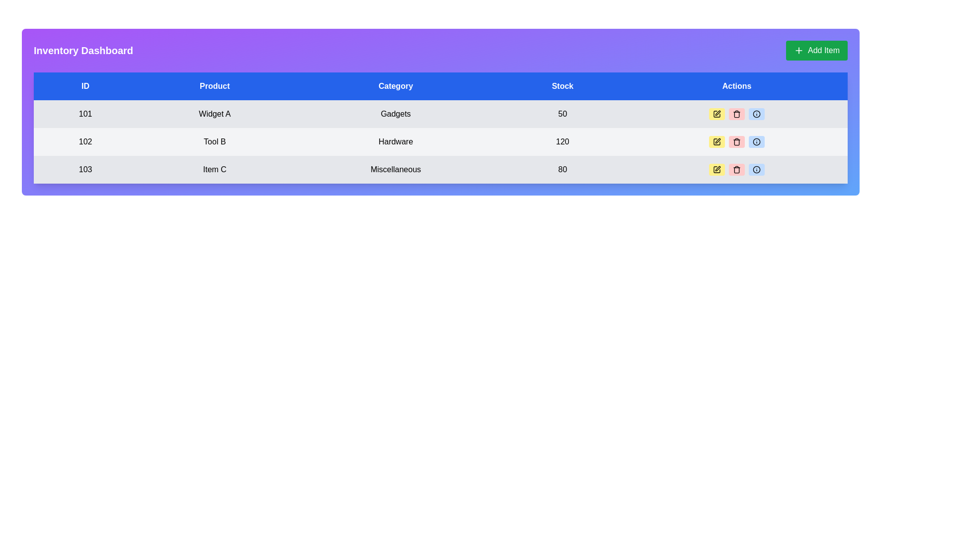 The width and height of the screenshot is (954, 536). Describe the element at coordinates (737, 141) in the screenshot. I see `the middle delete action button in the second row of the table` at that location.